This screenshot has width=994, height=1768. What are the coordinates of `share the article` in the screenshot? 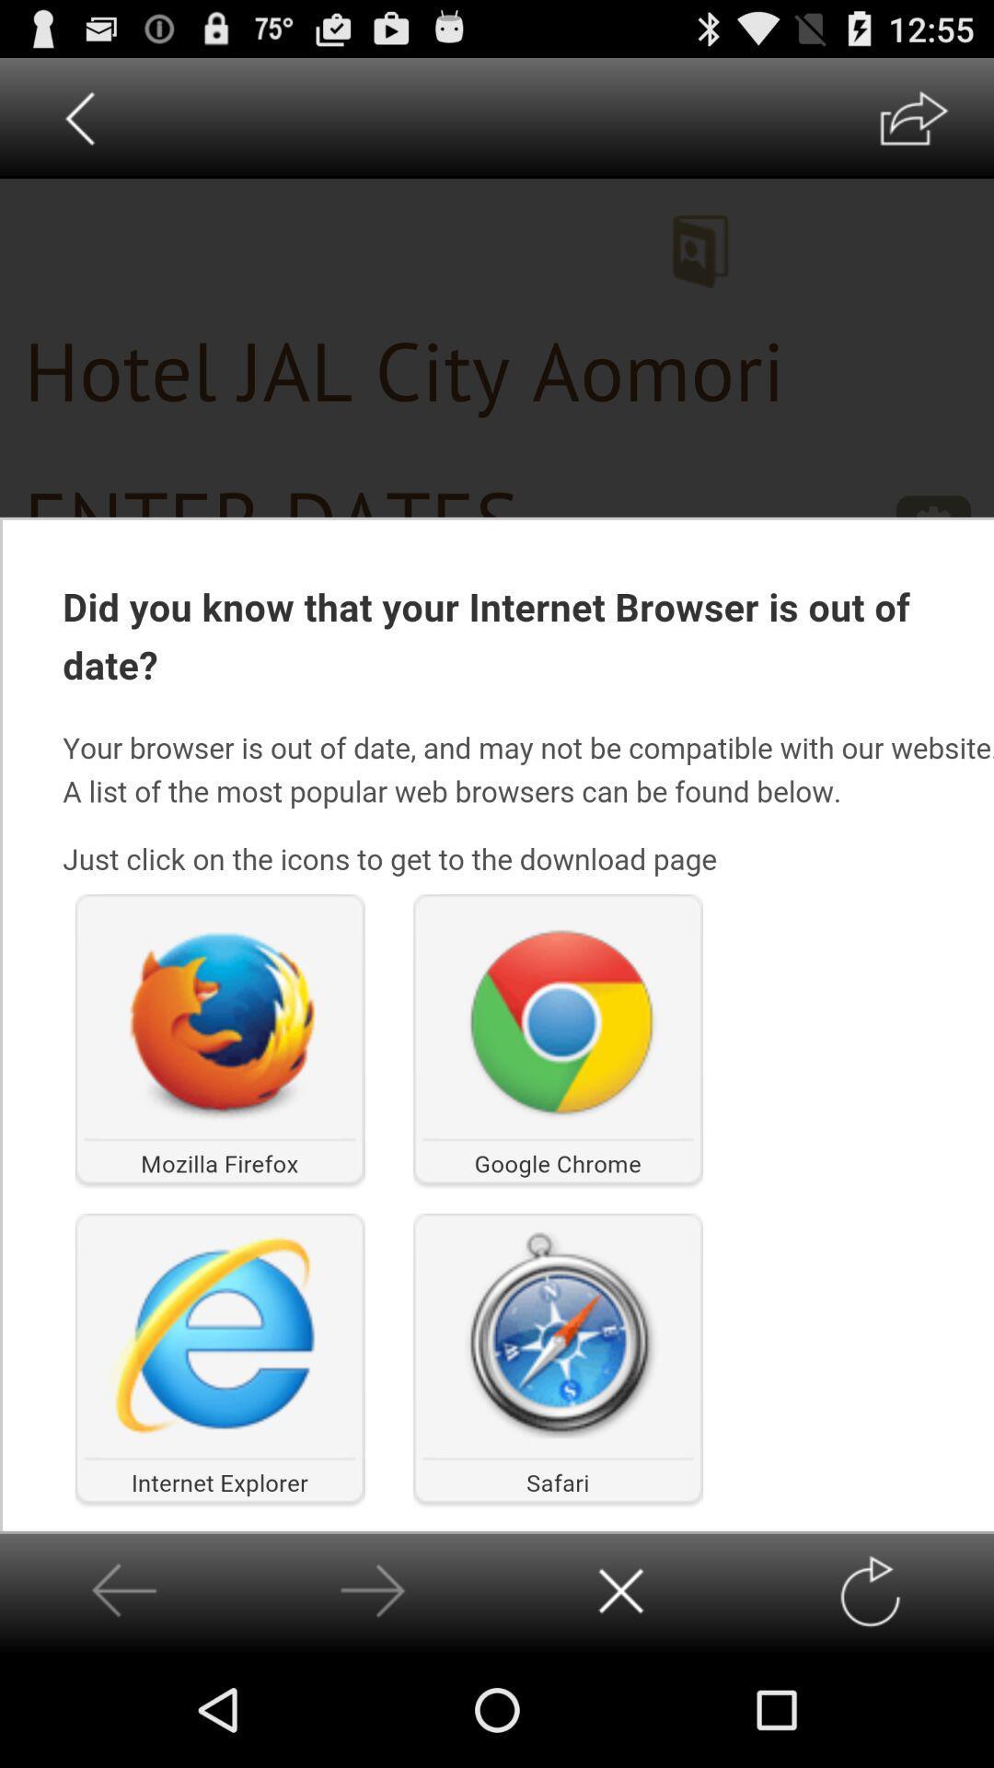 It's located at (913, 117).